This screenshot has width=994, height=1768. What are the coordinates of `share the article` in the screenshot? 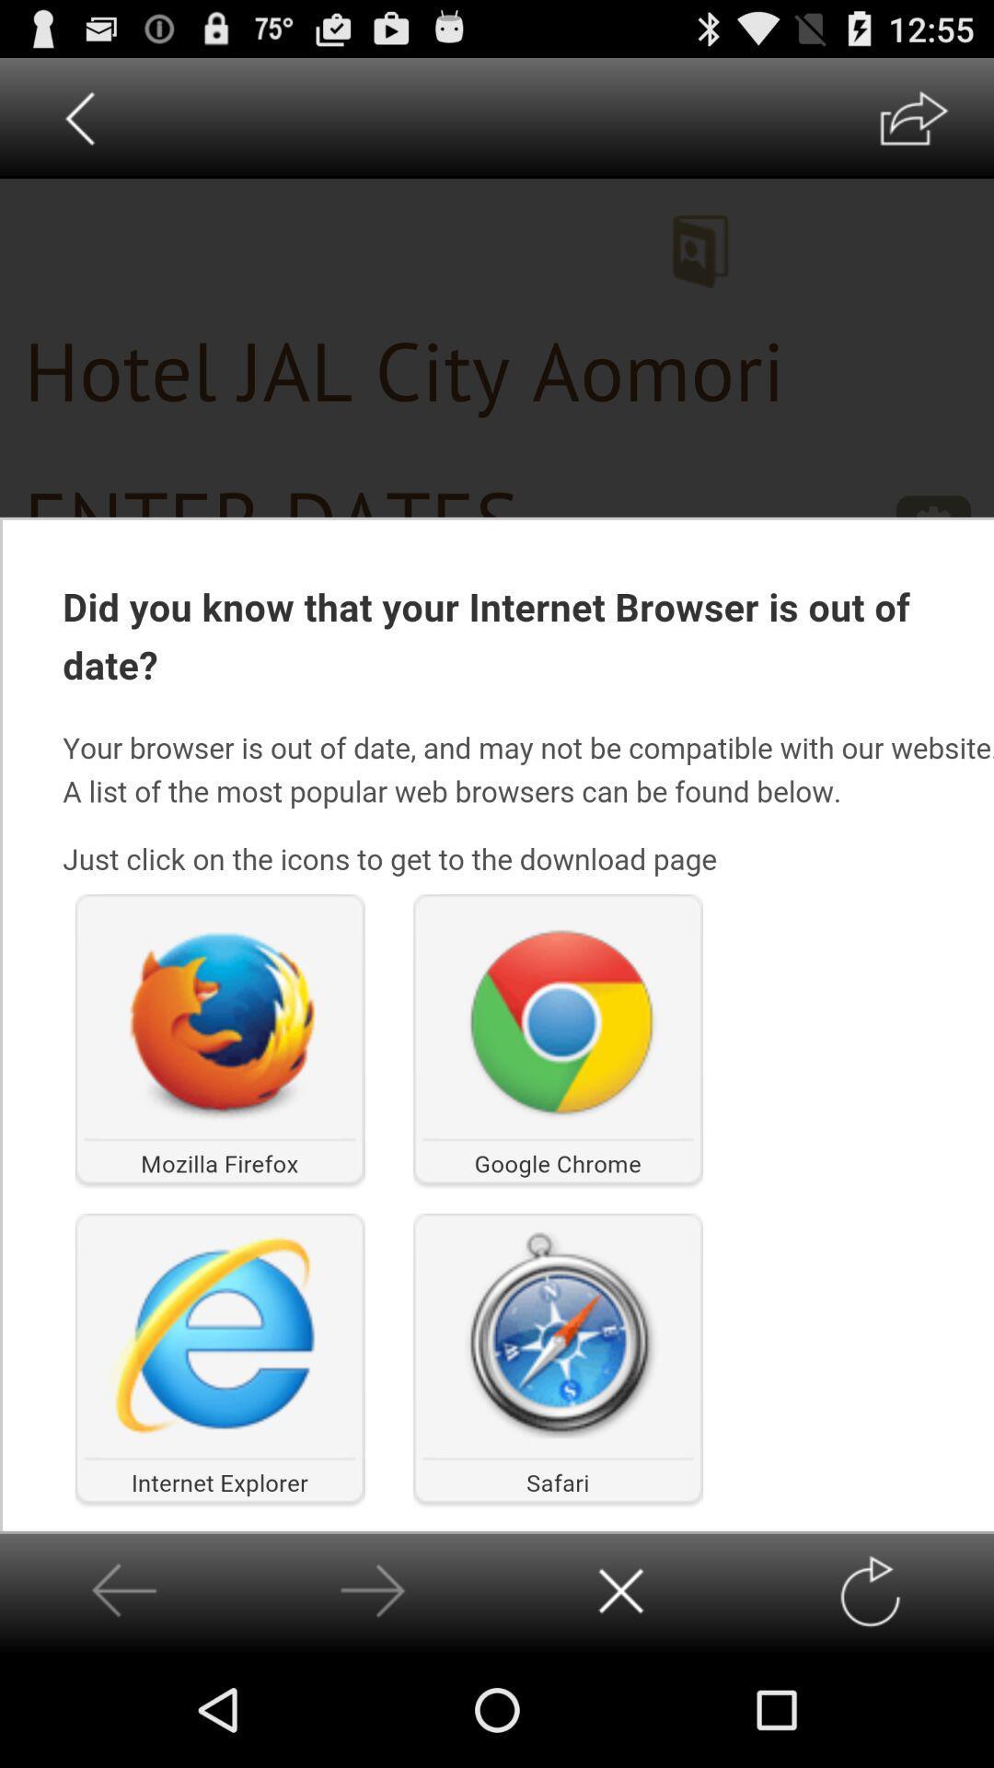 It's located at (913, 117).